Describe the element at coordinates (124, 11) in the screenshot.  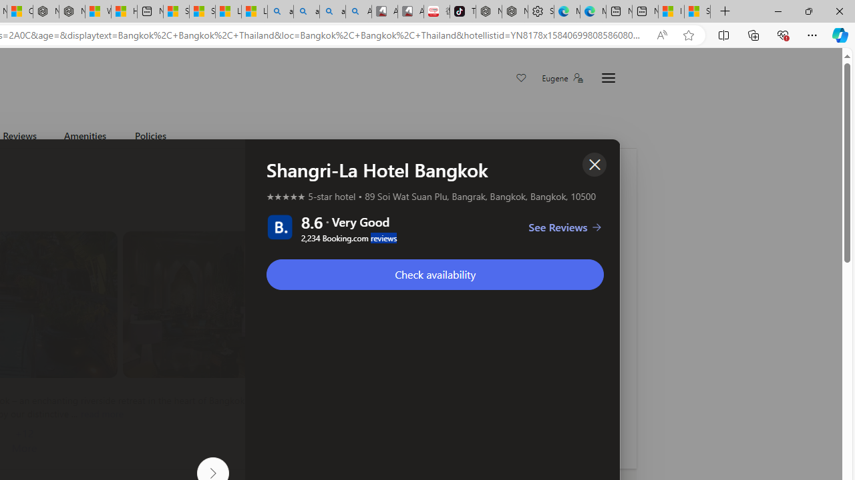
I see `'Huge shark washes ashore at New York City beach | Watch'` at that location.